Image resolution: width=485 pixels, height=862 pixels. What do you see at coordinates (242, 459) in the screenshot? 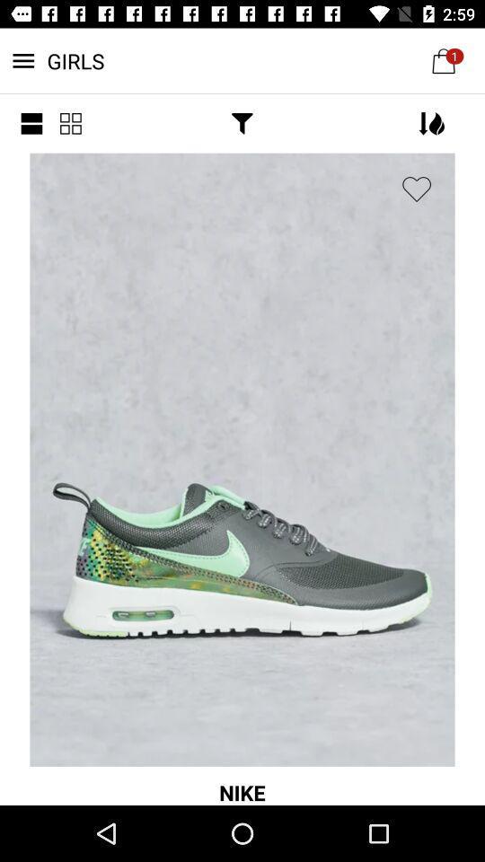
I see `the image above nike` at bounding box center [242, 459].